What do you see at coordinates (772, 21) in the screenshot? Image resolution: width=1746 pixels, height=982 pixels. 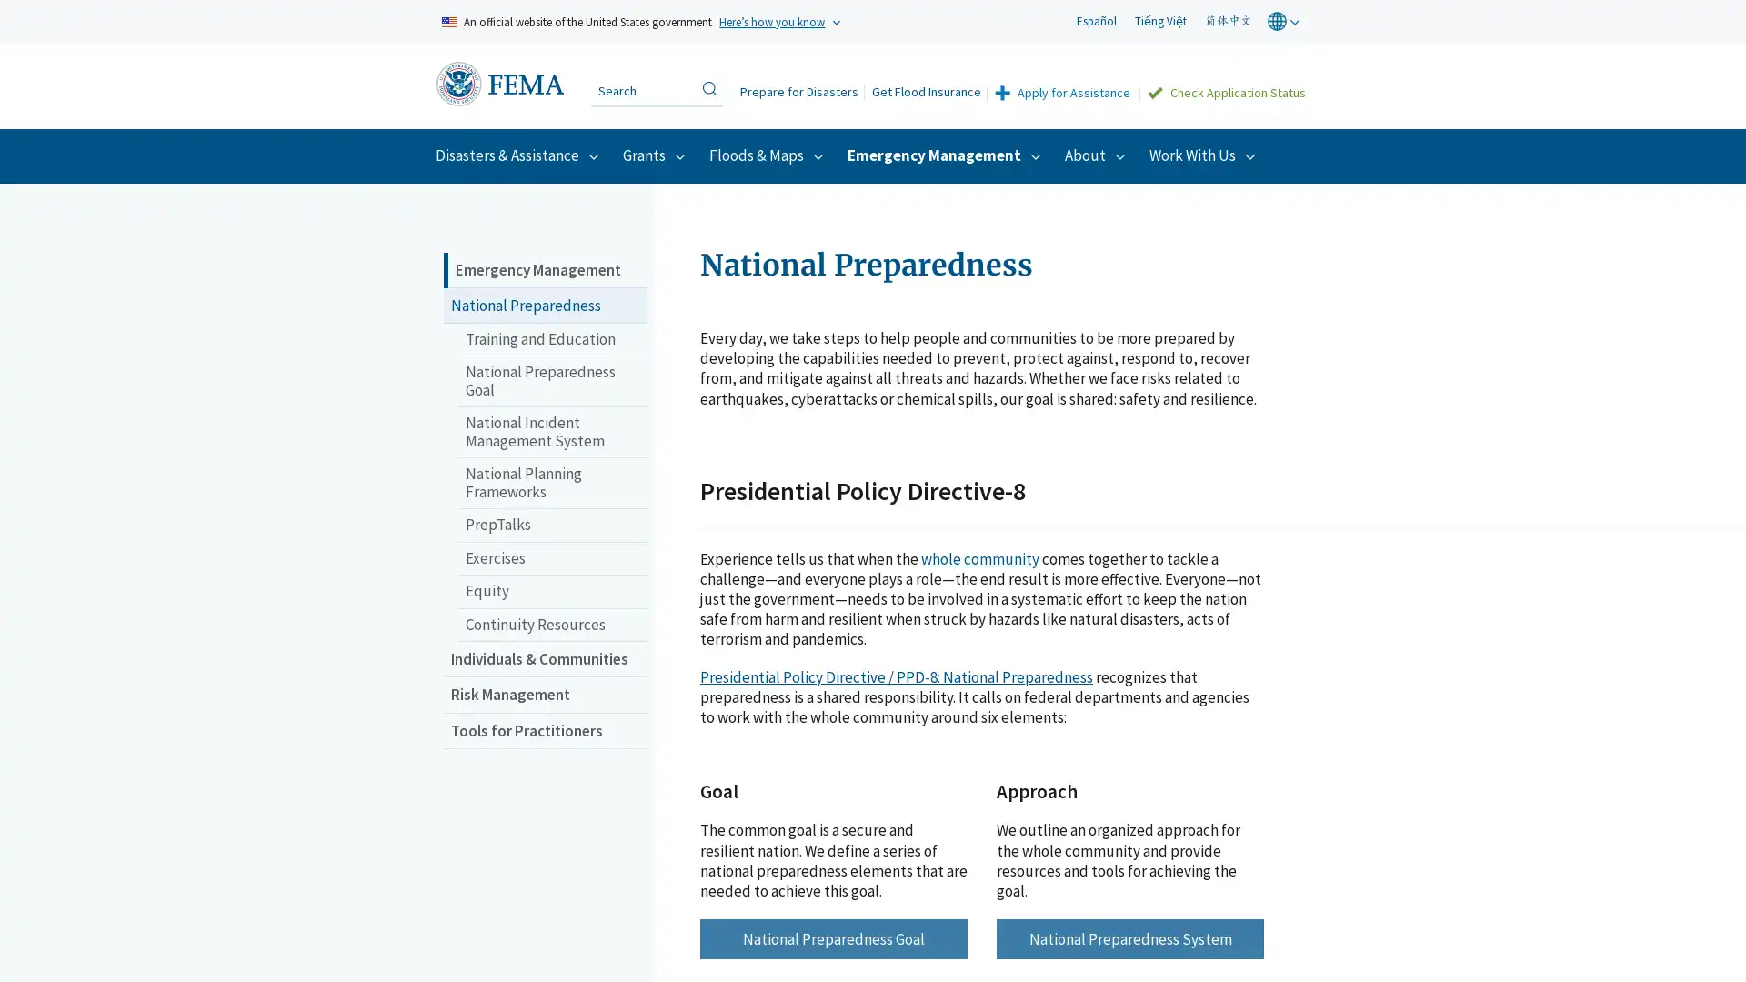 I see `Heres how you know` at bounding box center [772, 21].